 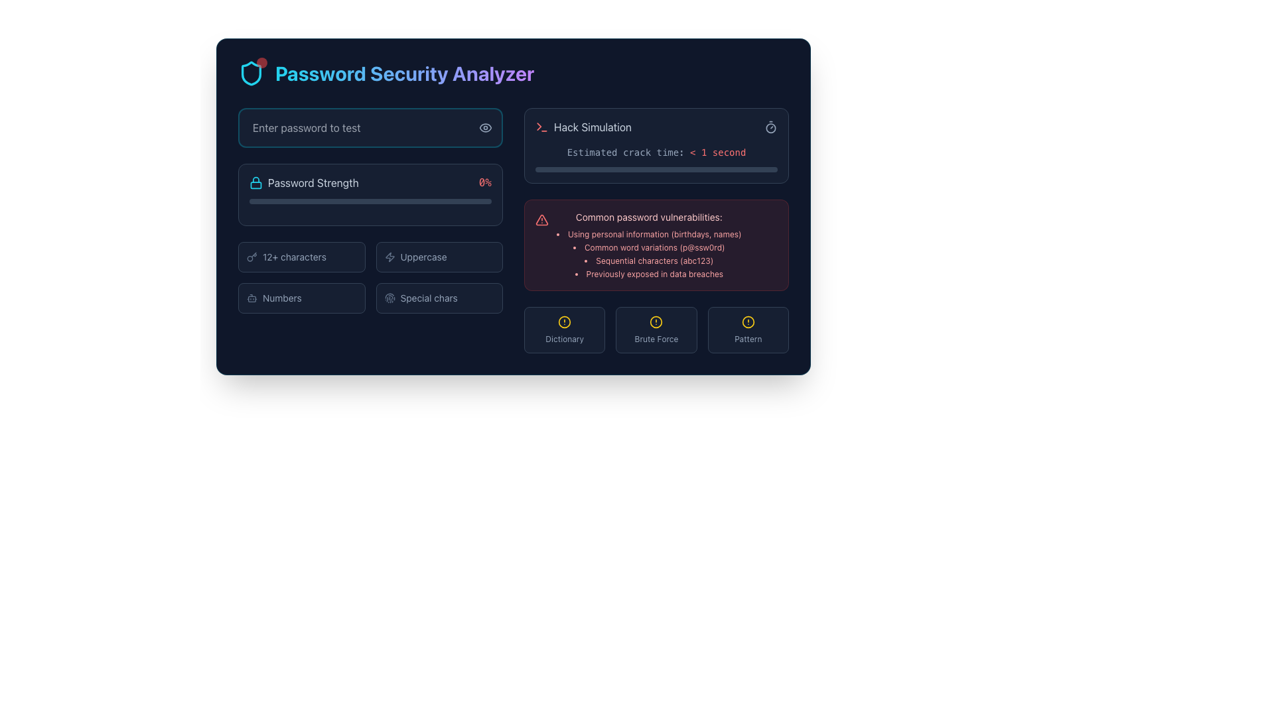 What do you see at coordinates (649, 255) in the screenshot?
I see `text from the unordered list containing examples of common password vulnerabilities, which is located beneath the title 'Common password vulnerabilities:' and is displayed in red text within a dark red background` at bounding box center [649, 255].